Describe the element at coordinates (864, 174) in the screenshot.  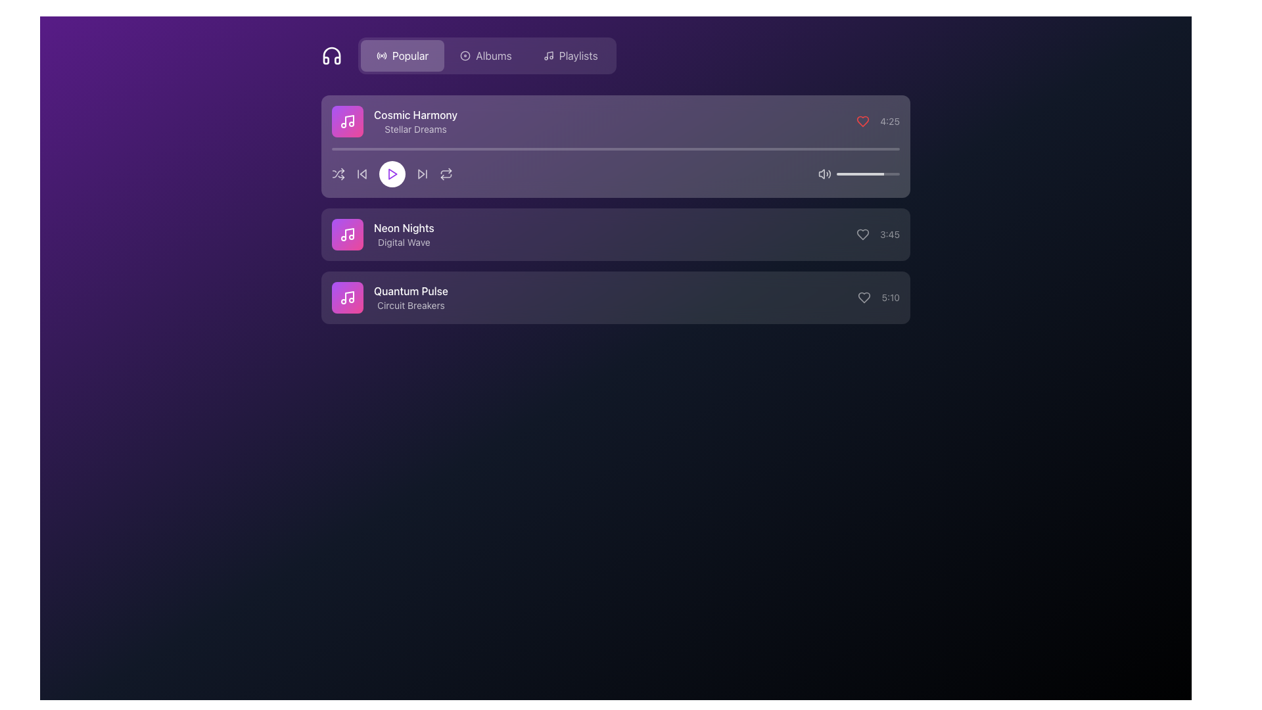
I see `volume` at that location.